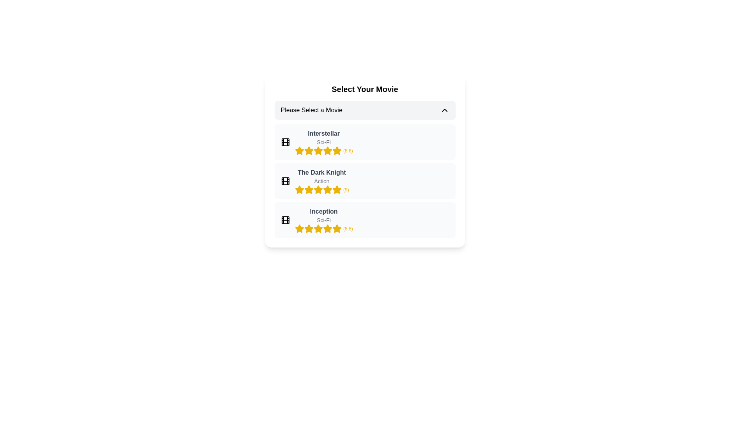  I want to click on the third star icon in the rating section for the movie 'The Dark Knight', so click(337, 189).